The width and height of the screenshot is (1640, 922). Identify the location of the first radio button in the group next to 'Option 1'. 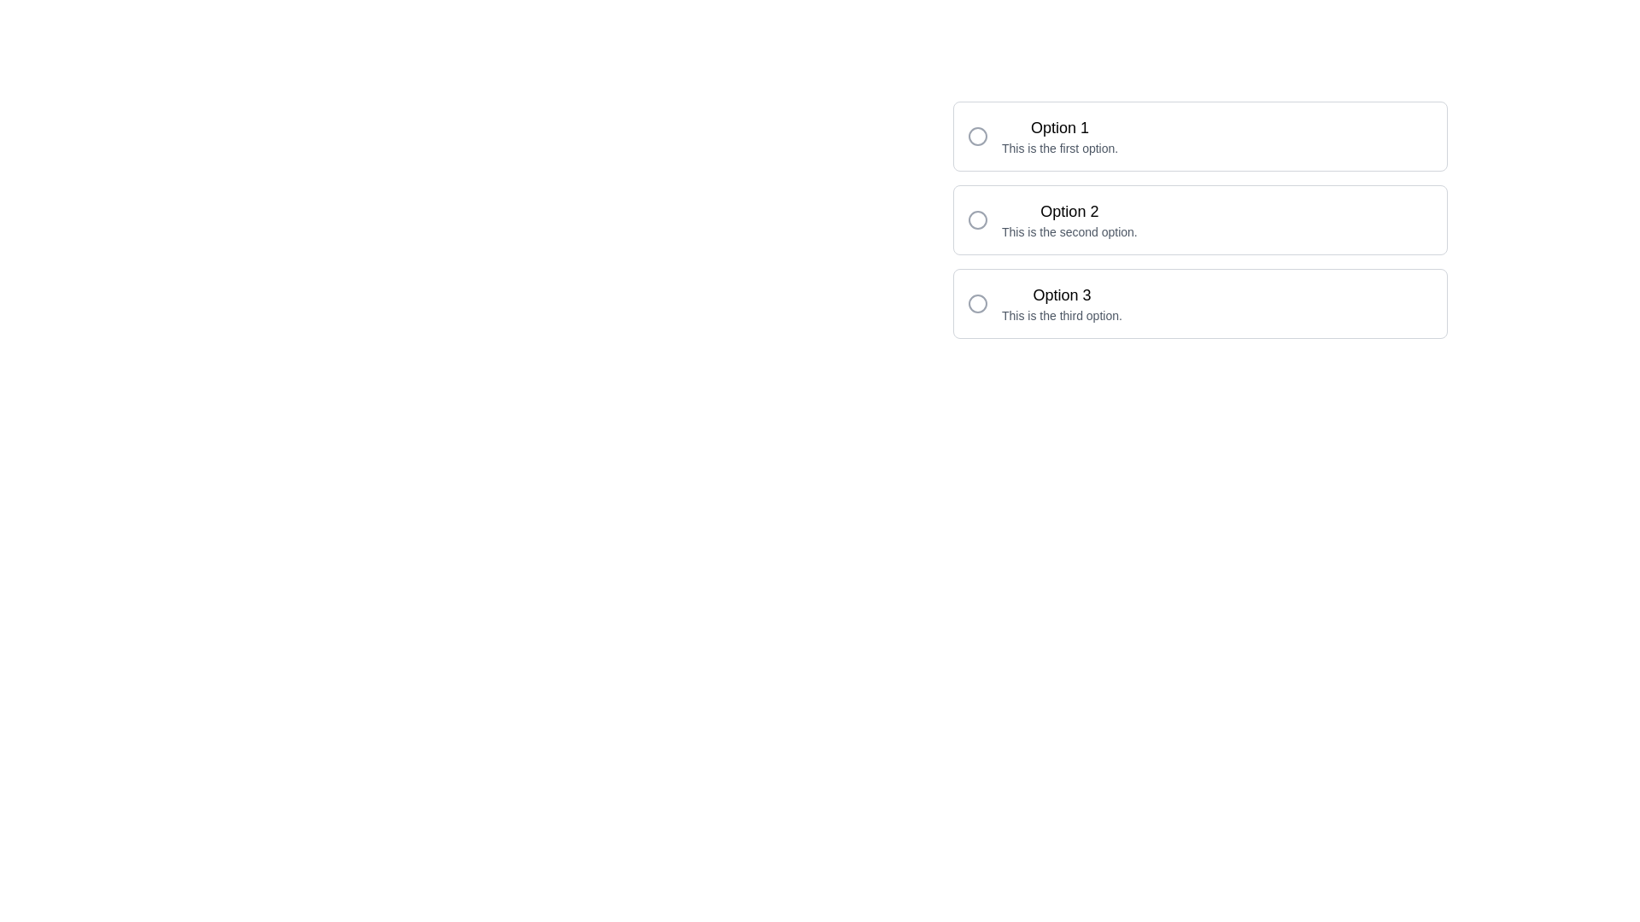
(978, 135).